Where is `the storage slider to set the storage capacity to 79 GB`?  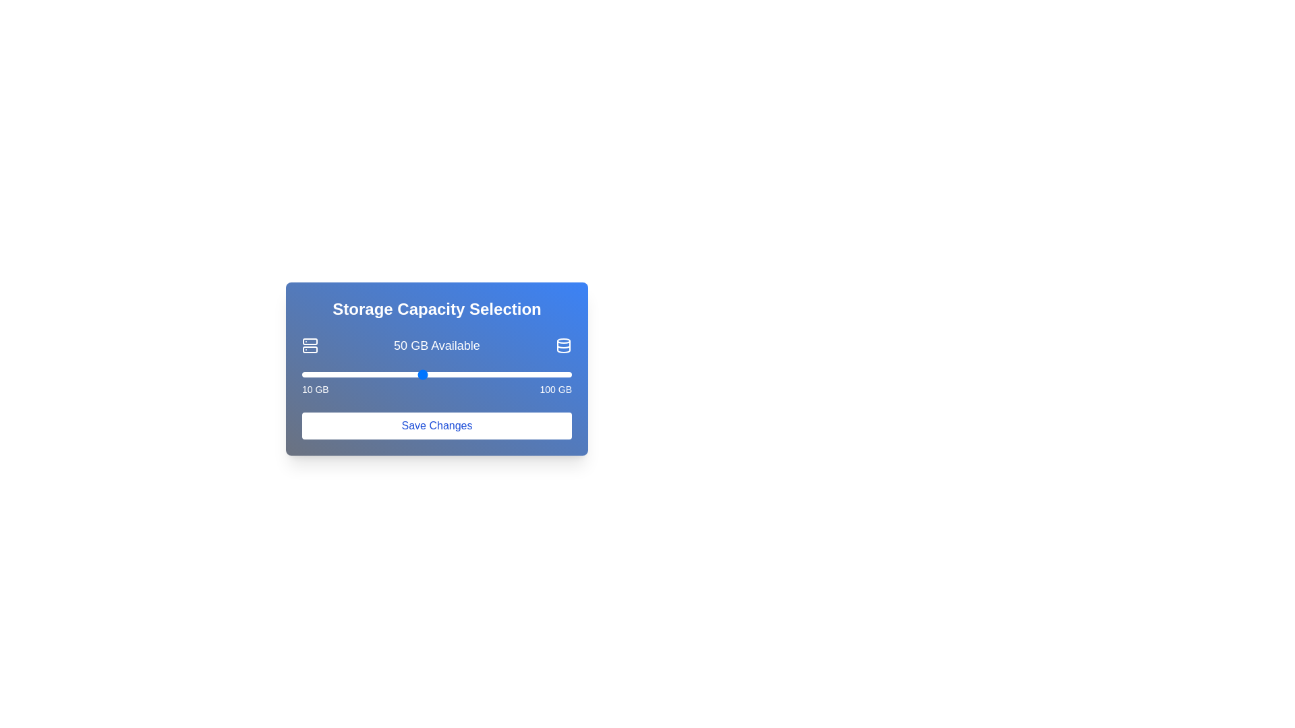
the storage slider to set the storage capacity to 79 GB is located at coordinates (508, 374).